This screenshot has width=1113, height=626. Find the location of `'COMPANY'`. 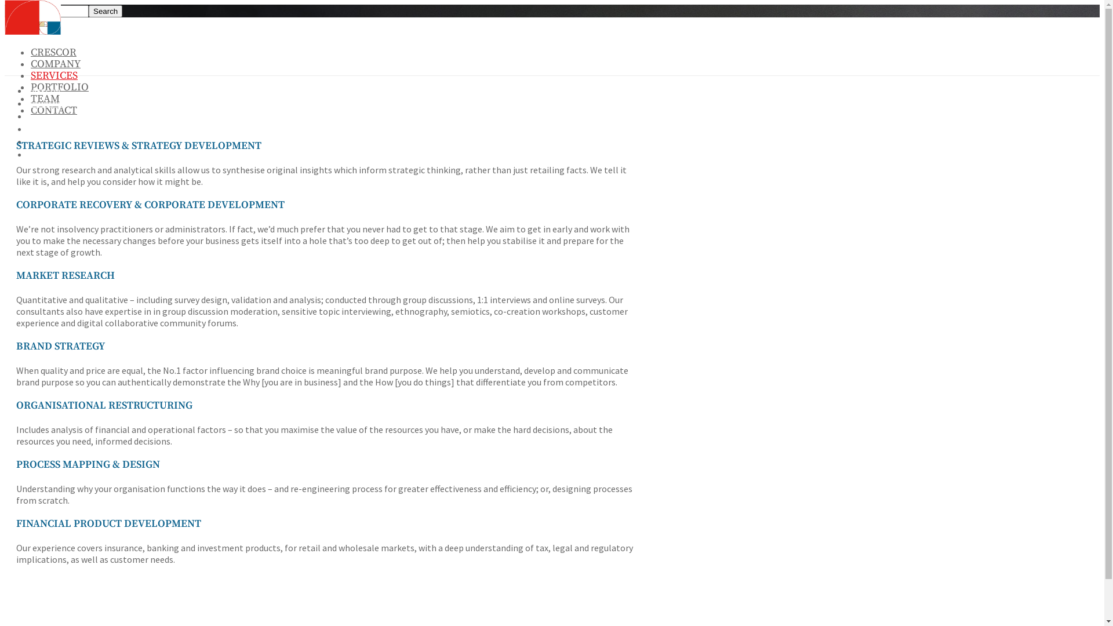

'COMPANY' is located at coordinates (45, 103).